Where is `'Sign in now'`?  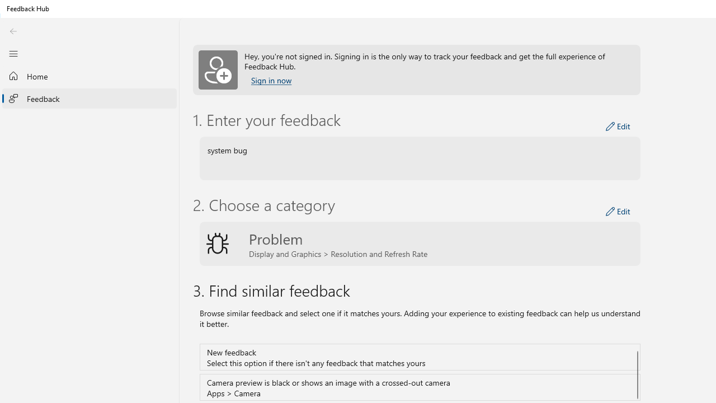
'Sign in now' is located at coordinates (271, 80).